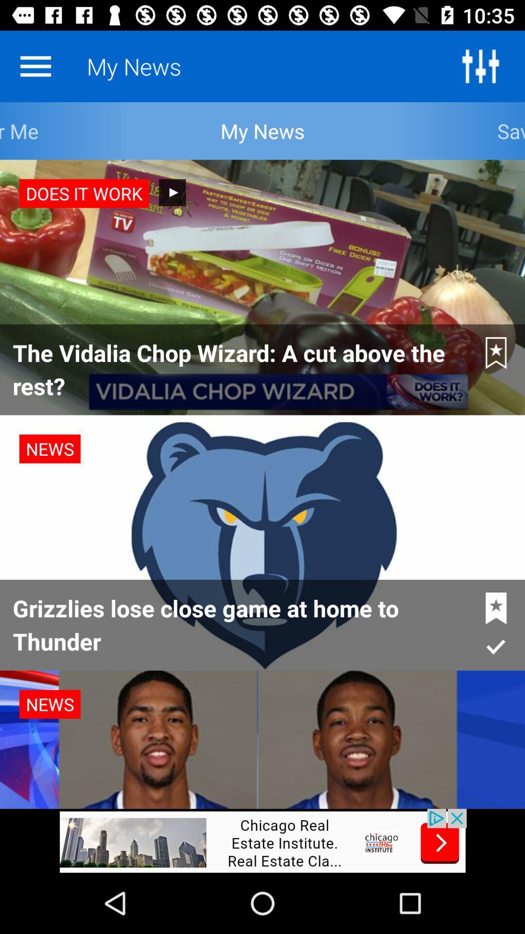 Image resolution: width=525 pixels, height=934 pixels. Describe the element at coordinates (480, 66) in the screenshot. I see `colour adjustment` at that location.